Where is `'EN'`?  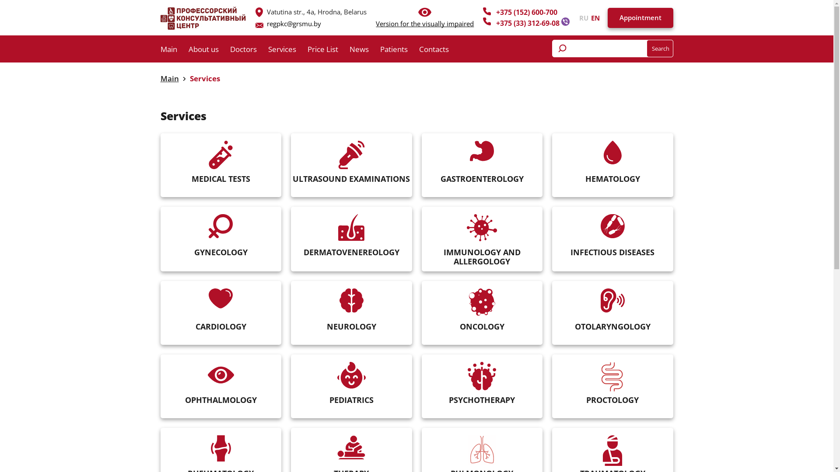 'EN' is located at coordinates (588, 17).